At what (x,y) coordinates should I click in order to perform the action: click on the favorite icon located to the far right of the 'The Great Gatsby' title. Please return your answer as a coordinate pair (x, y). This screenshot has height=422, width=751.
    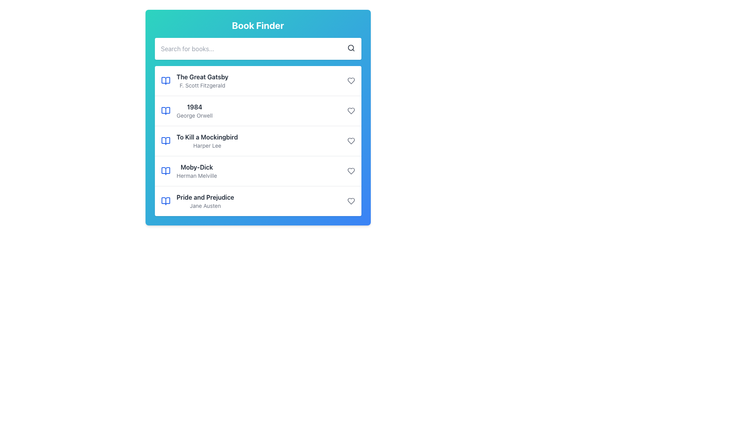
    Looking at the image, I should click on (350, 81).